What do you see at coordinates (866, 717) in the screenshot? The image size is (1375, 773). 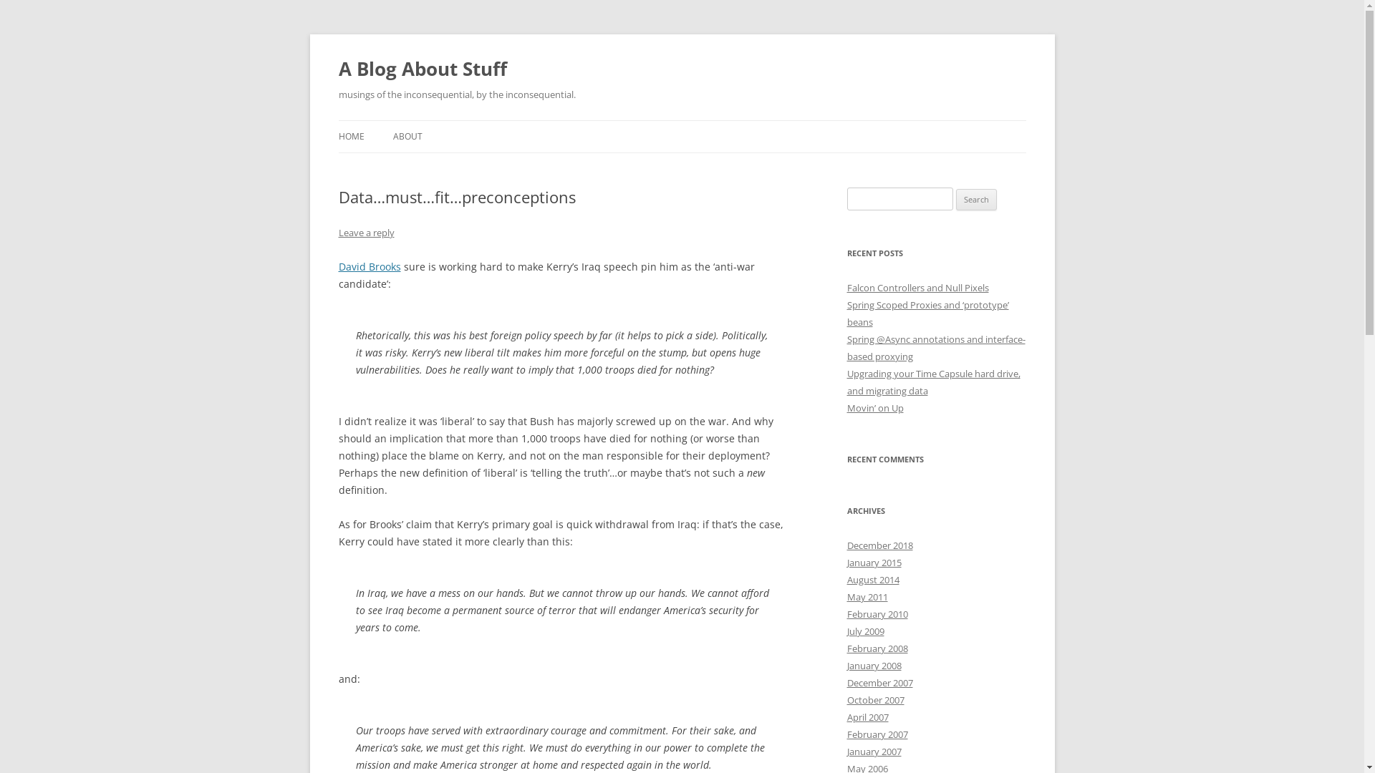 I see `'April 2007'` at bounding box center [866, 717].